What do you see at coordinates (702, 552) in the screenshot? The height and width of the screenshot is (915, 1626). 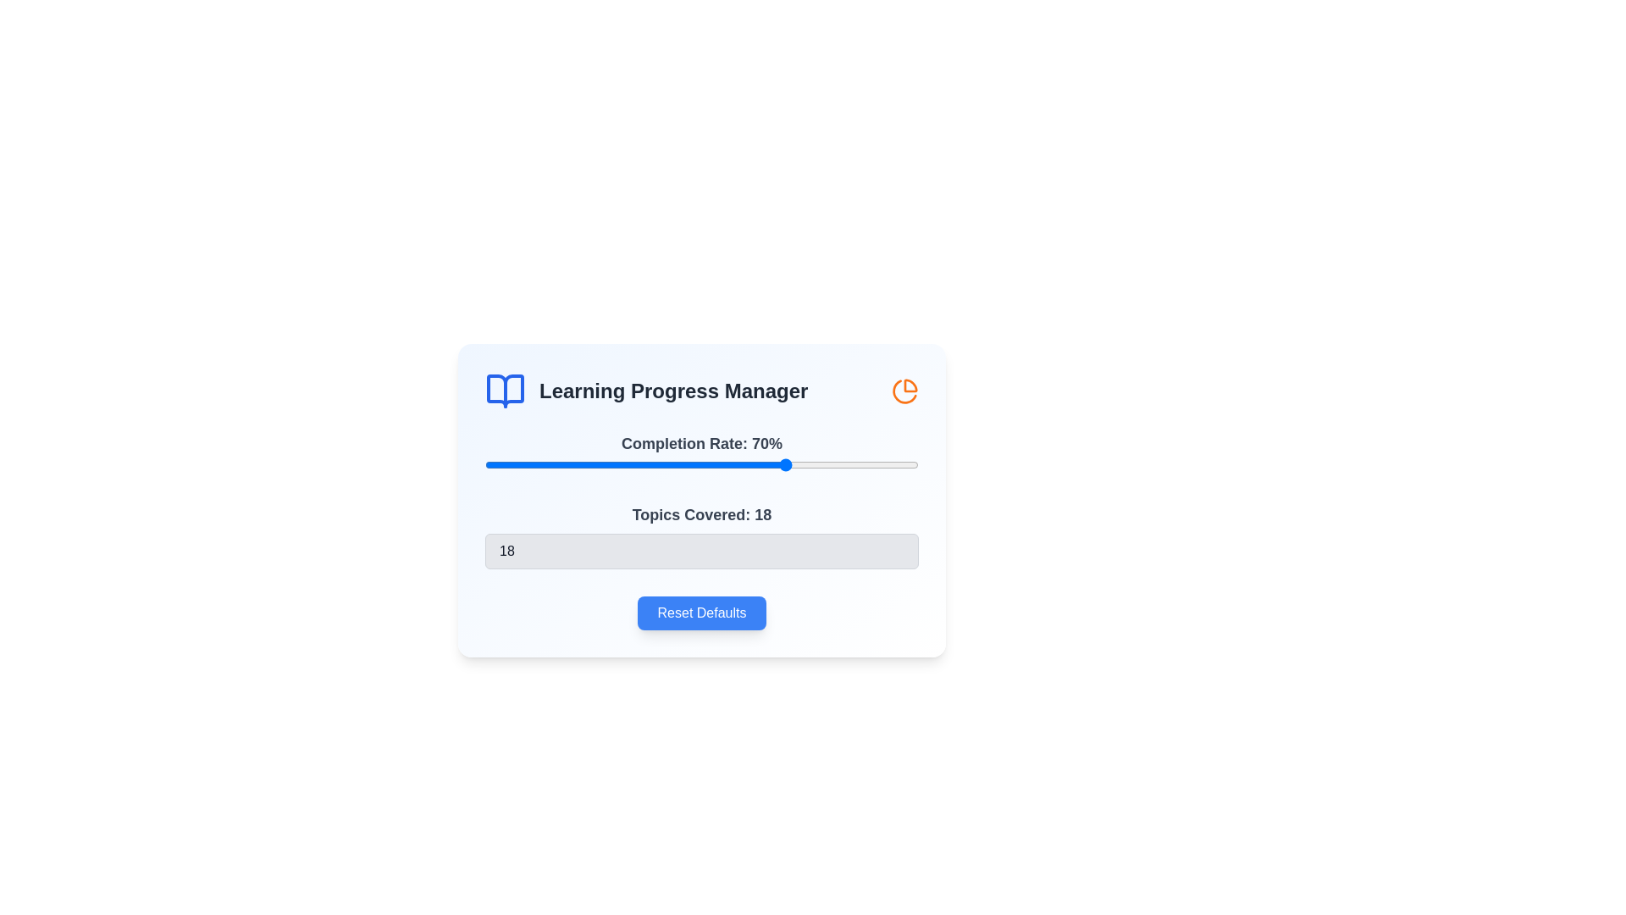 I see `the number of topics covered to 13 by entering the value in the input box` at bounding box center [702, 552].